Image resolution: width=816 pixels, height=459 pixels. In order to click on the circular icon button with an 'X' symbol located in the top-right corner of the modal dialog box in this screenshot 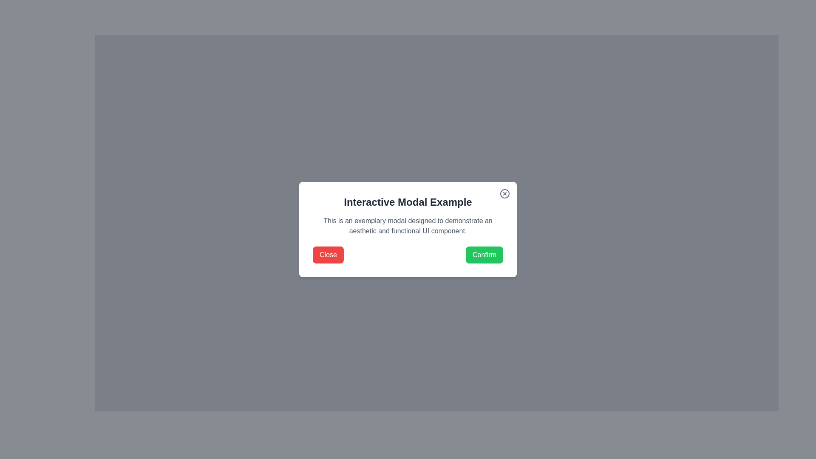, I will do `click(505, 193)`.